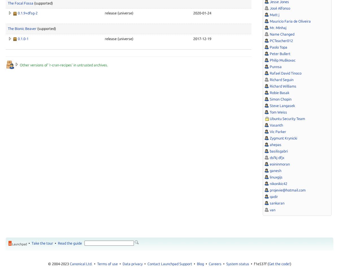 The image size is (339, 270). I want to click on 'projevie@hotmail.com', so click(288, 190).